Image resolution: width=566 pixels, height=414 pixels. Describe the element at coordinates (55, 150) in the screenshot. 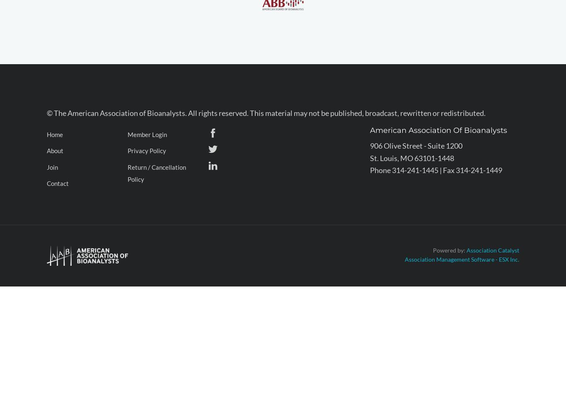

I see `'About'` at that location.